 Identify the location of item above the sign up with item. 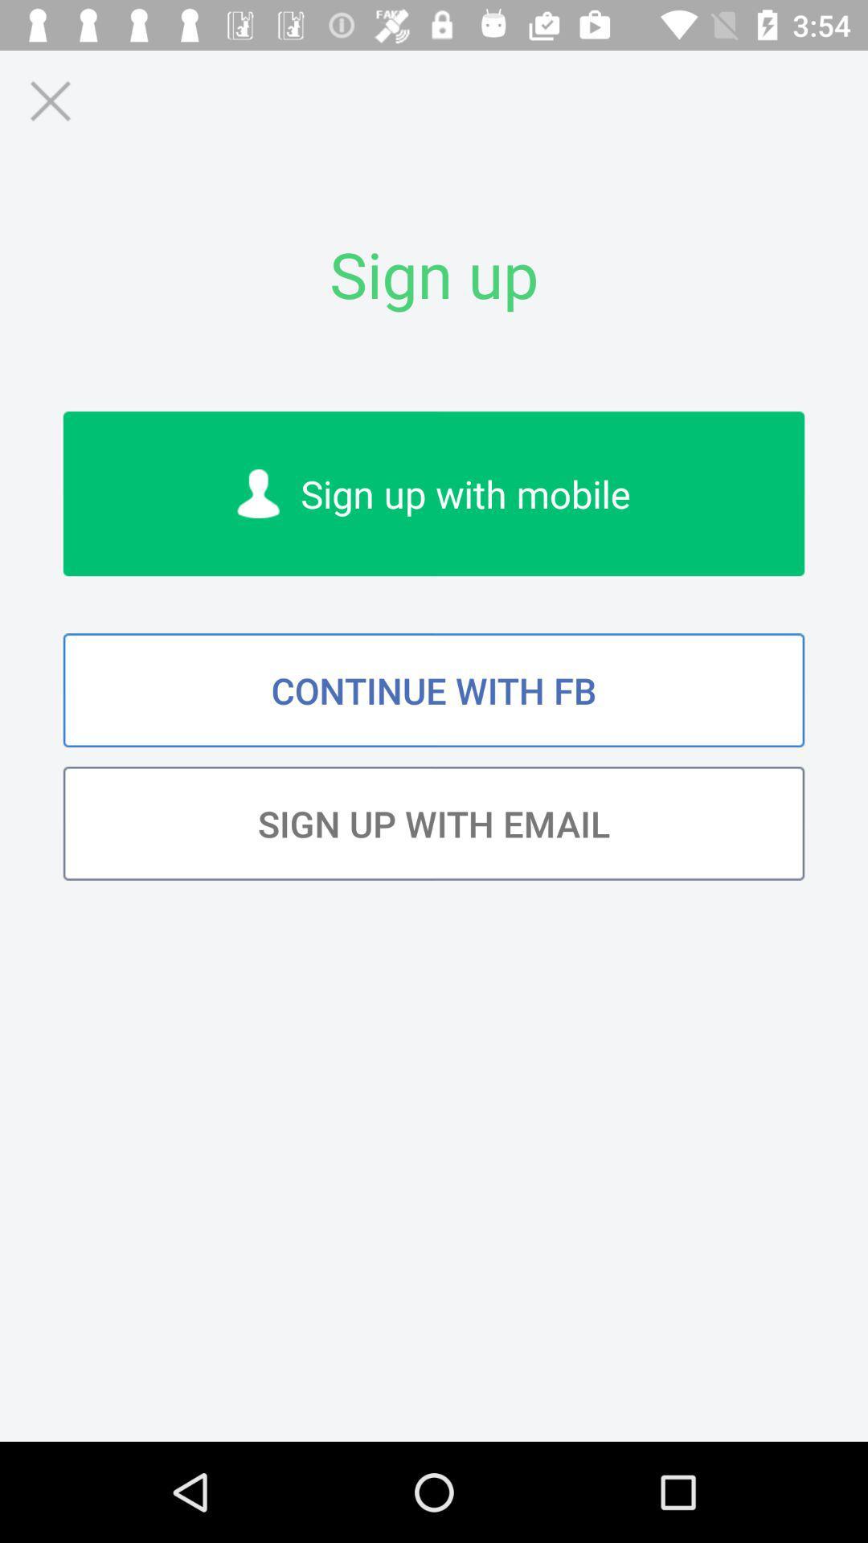
(434, 690).